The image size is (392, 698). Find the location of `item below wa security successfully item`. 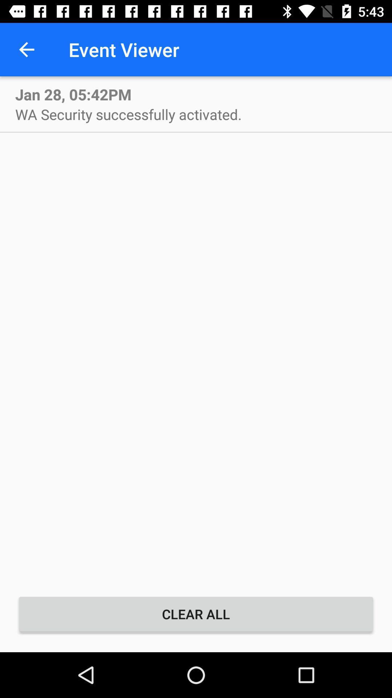

item below wa security successfully item is located at coordinates (196, 614).